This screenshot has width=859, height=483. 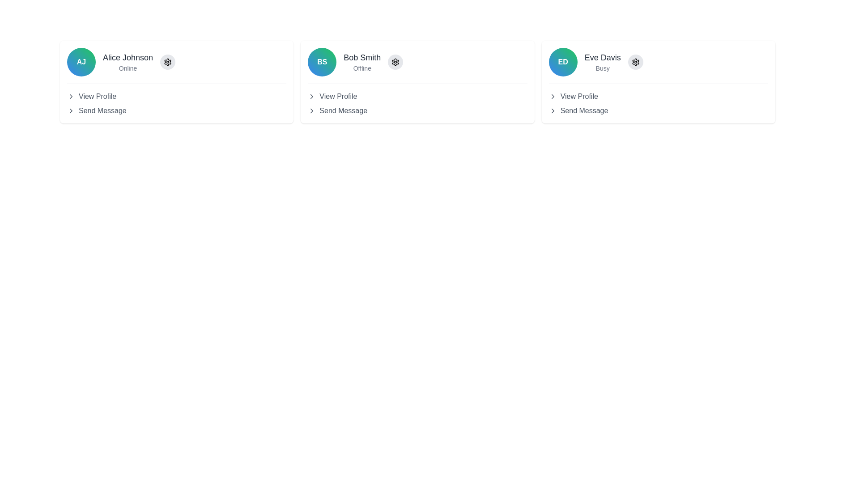 I want to click on the arrow icon located in the bottom section of the third card, so click(x=552, y=97).